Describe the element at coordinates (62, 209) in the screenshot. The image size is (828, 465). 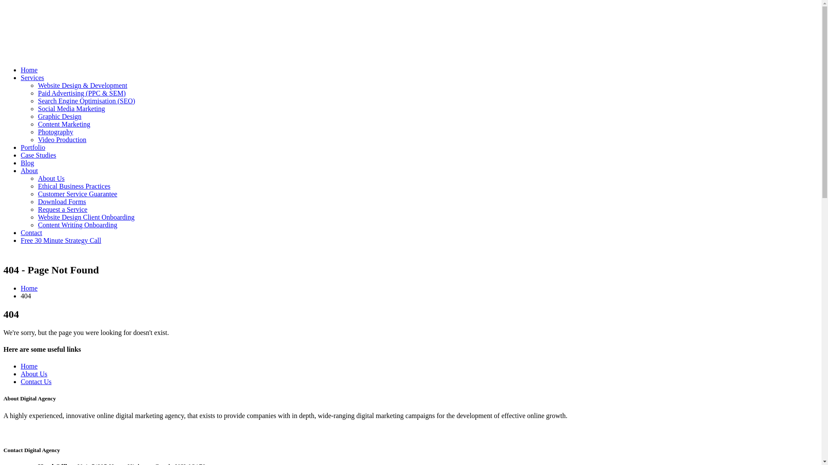
I see `'Request a Service'` at that location.